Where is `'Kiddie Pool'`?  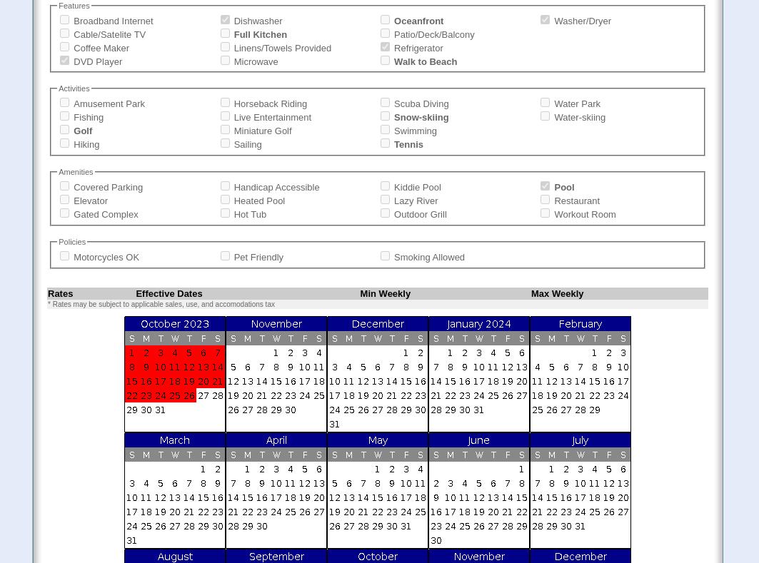 'Kiddie Pool' is located at coordinates (416, 187).